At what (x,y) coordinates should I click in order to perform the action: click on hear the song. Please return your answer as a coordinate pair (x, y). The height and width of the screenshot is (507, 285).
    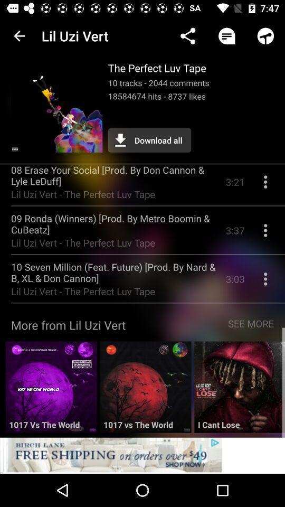
    Looking at the image, I should click on (51, 390).